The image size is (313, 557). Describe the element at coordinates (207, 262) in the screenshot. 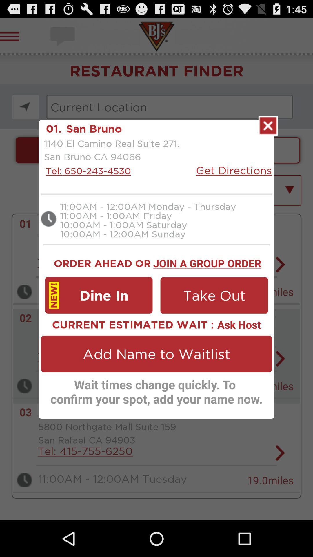

I see `item to the right of the order ahead or app` at that location.